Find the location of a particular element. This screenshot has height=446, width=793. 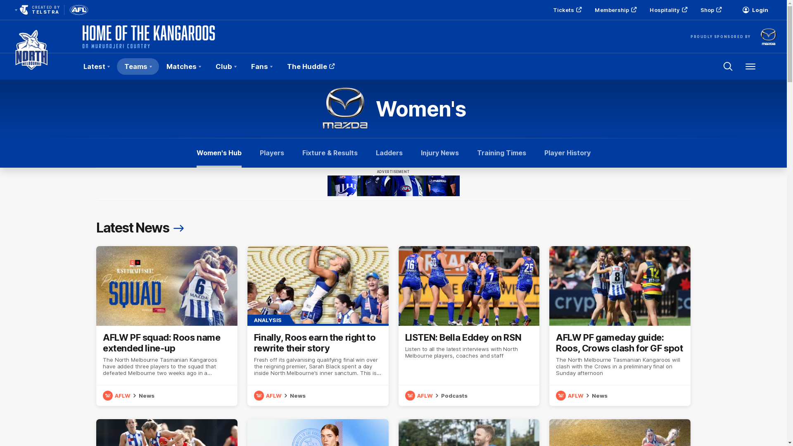

'Hospitality' is located at coordinates (667, 9).